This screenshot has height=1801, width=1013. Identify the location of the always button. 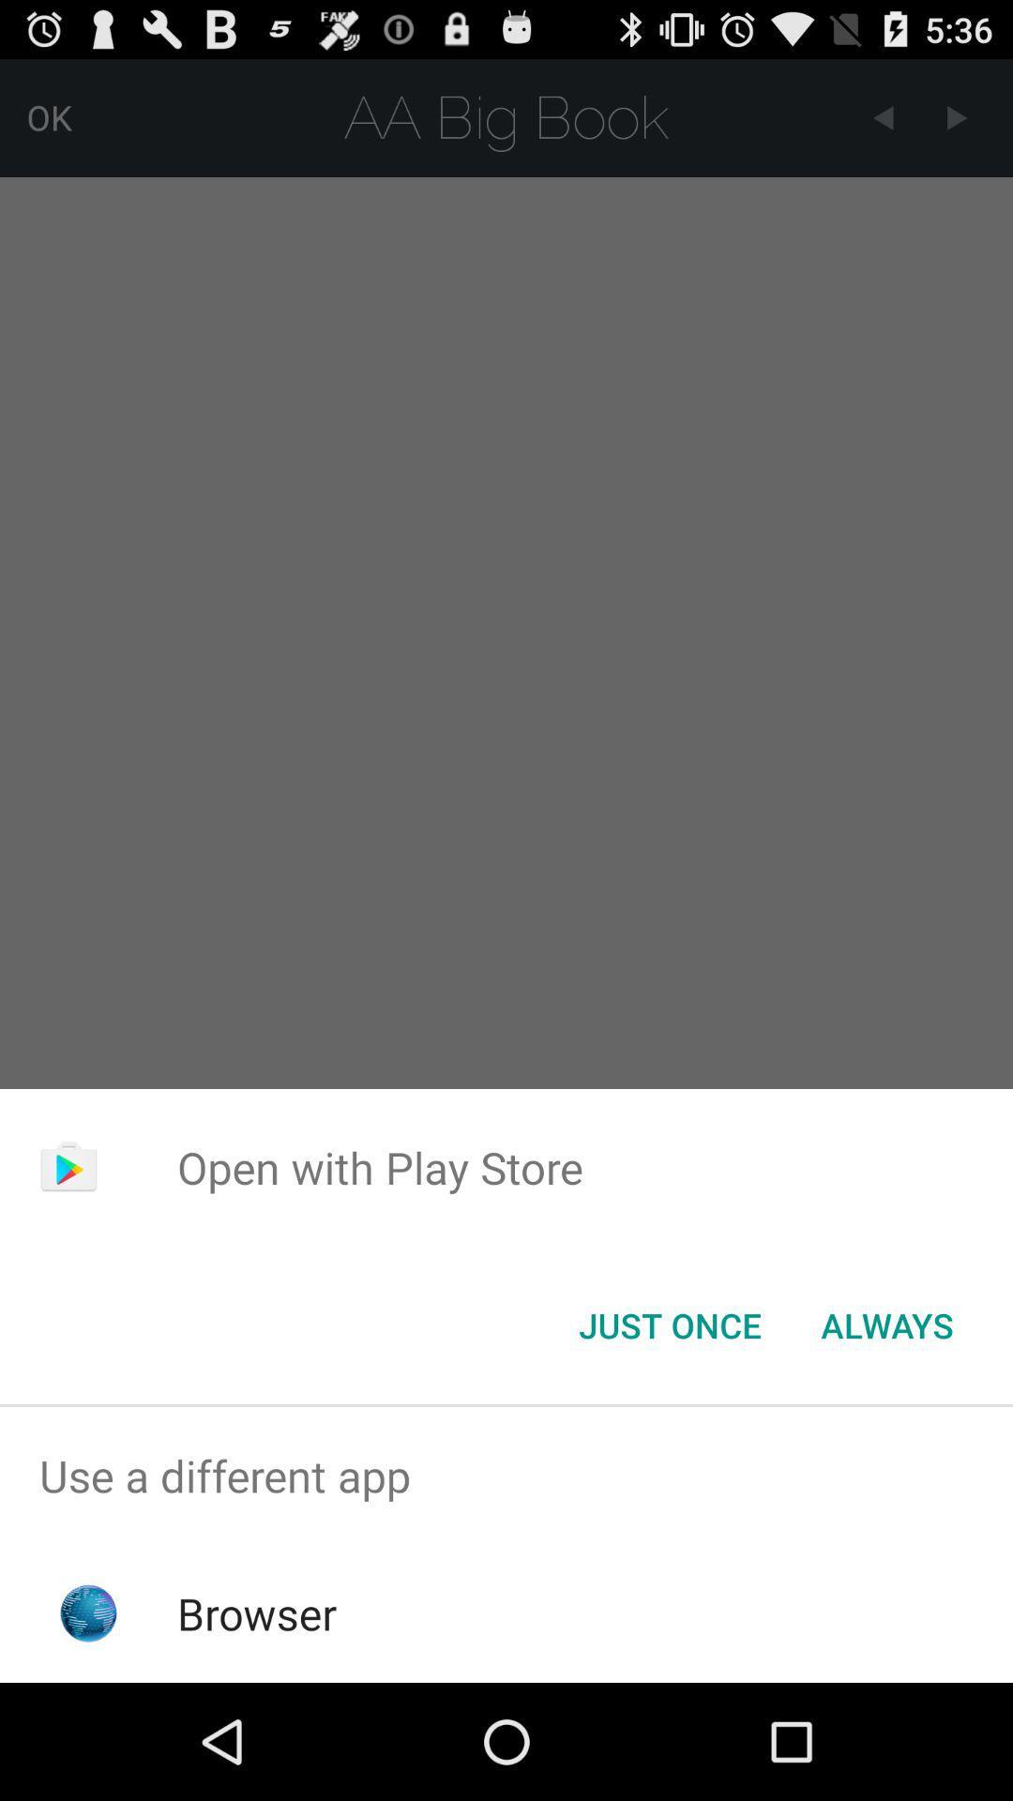
(886, 1324).